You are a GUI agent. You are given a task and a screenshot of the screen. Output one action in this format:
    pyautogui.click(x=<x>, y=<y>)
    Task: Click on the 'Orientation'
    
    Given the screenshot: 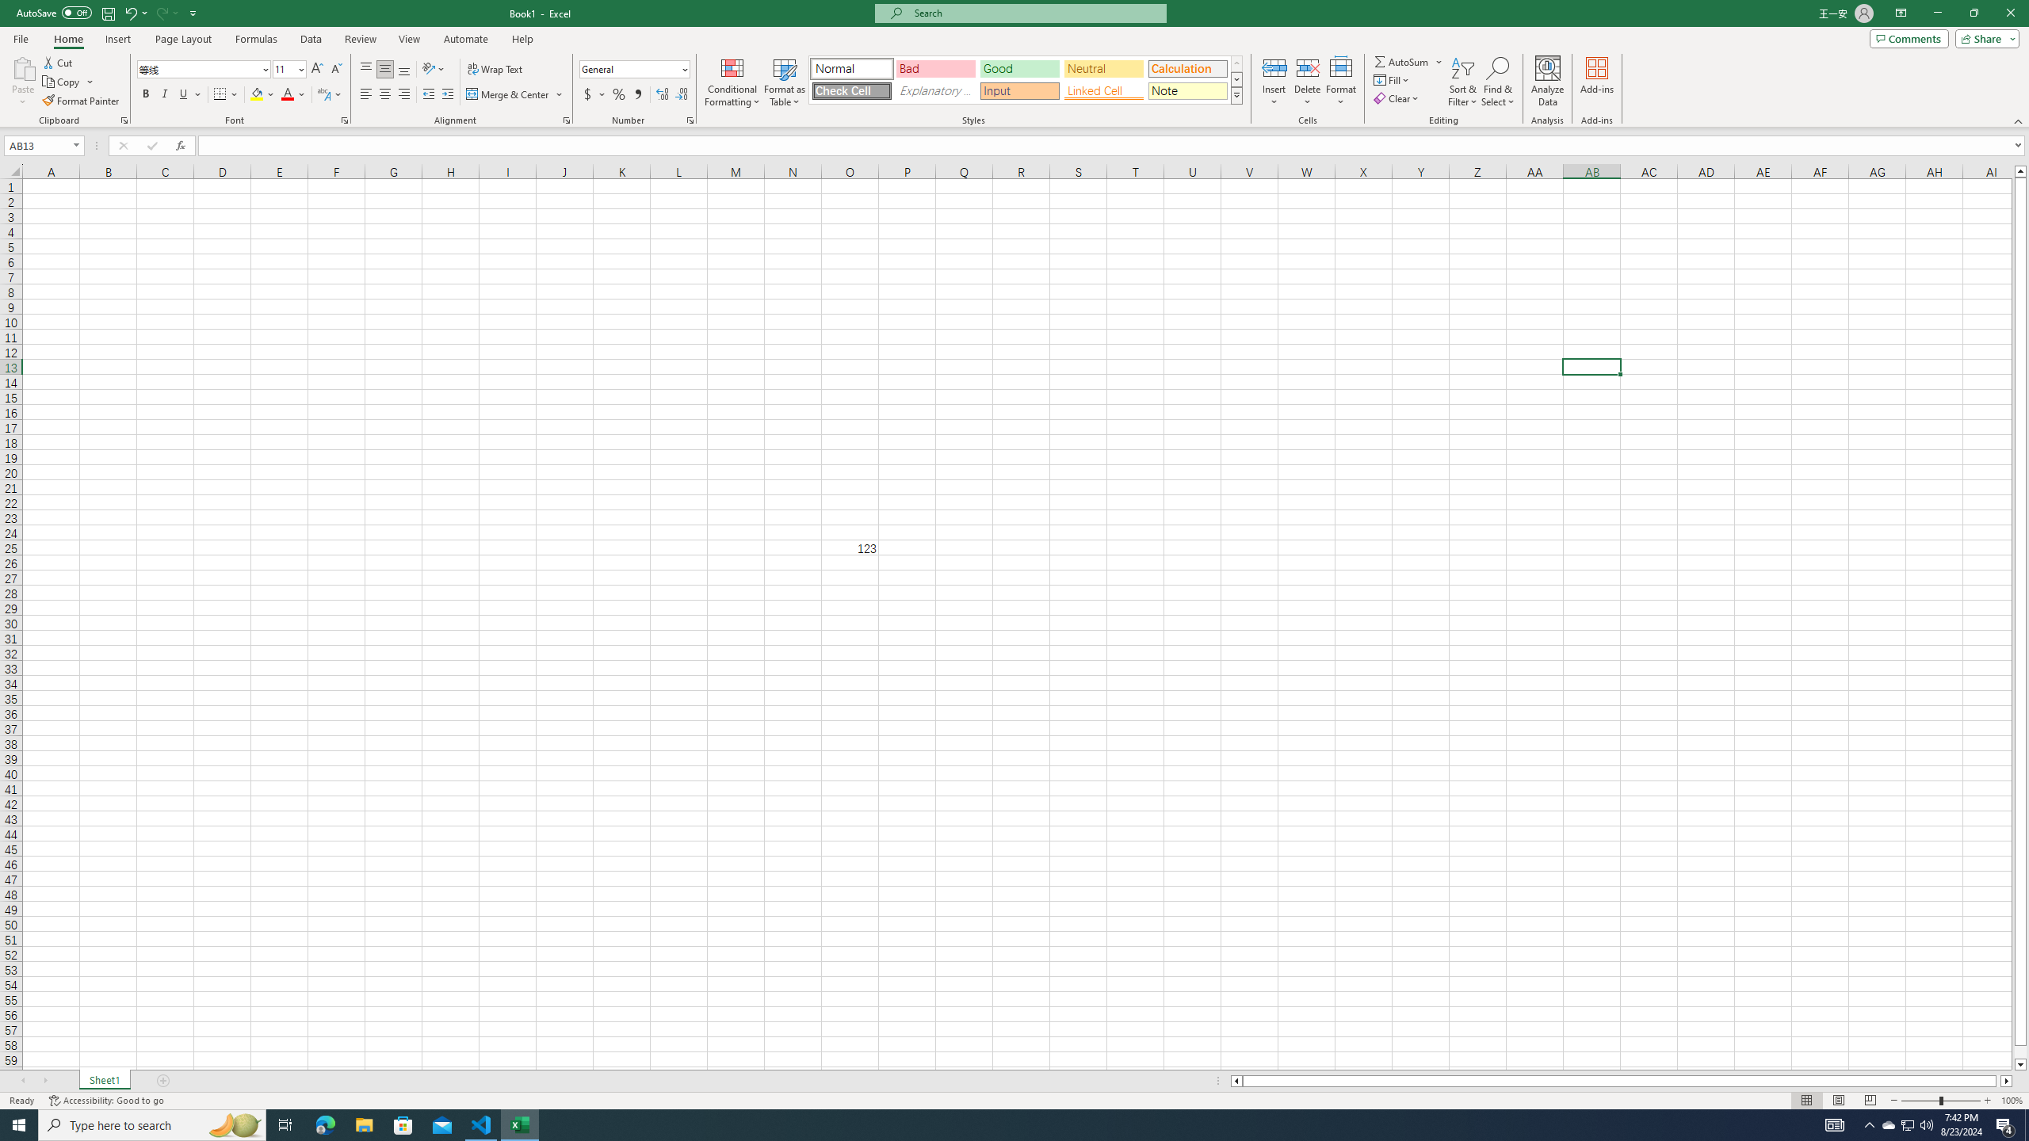 What is the action you would take?
    pyautogui.click(x=433, y=69)
    